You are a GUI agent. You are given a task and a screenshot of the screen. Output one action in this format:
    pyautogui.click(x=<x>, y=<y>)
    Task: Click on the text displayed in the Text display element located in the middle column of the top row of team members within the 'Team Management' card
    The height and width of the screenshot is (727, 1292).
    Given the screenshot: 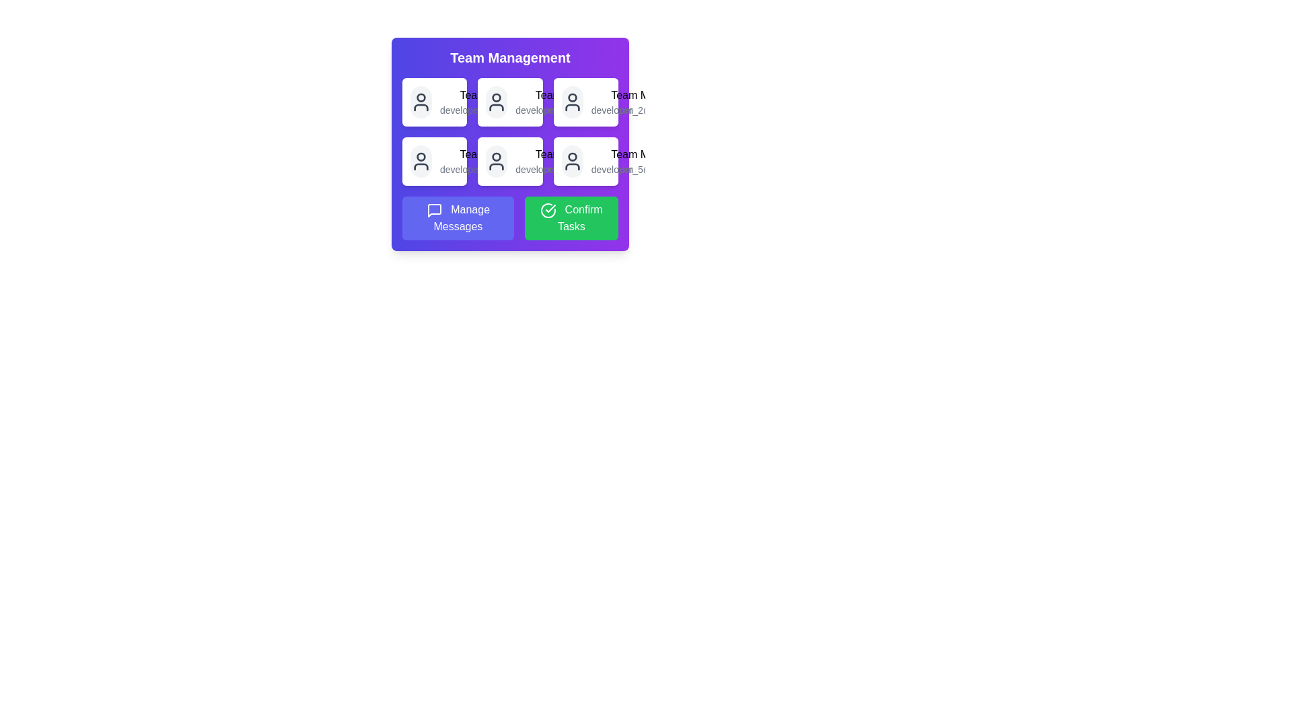 What is the action you would take?
    pyautogui.click(x=574, y=101)
    